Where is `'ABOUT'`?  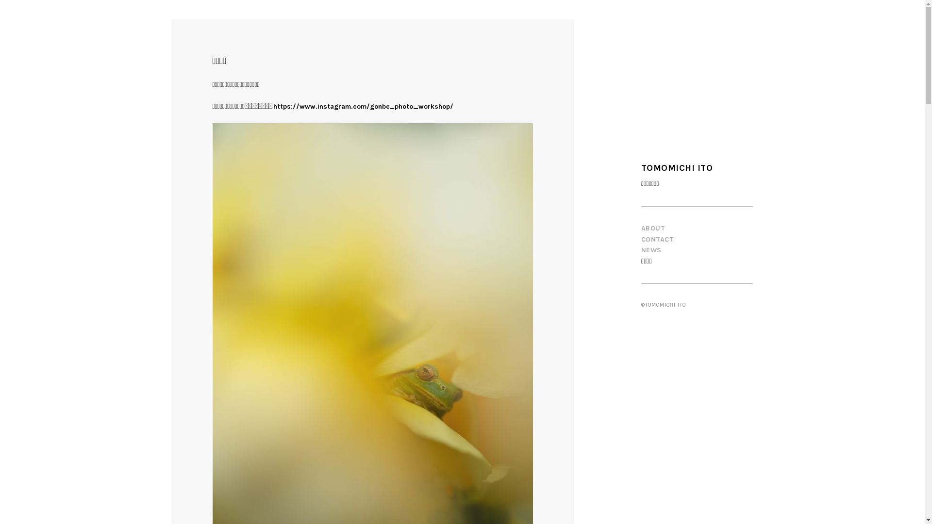
'ABOUT' is located at coordinates (653, 228).